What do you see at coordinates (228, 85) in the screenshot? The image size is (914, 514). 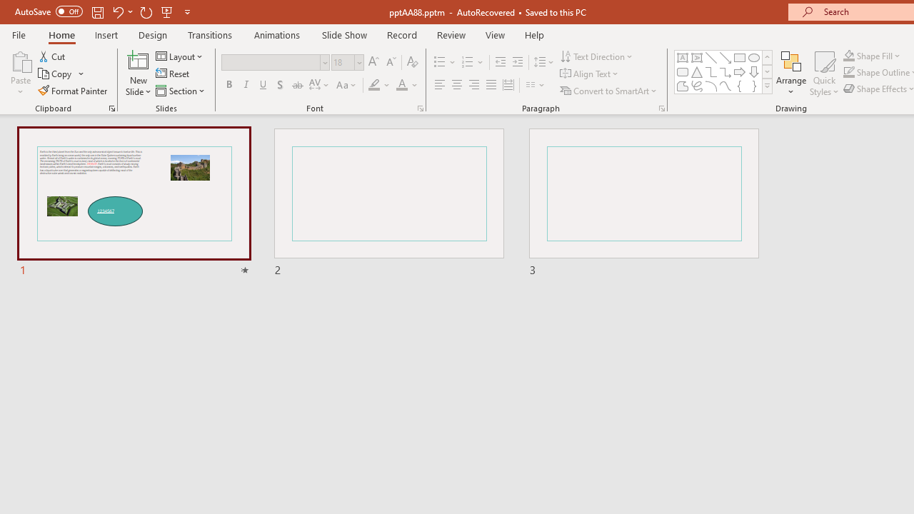 I see `'Bold'` at bounding box center [228, 85].